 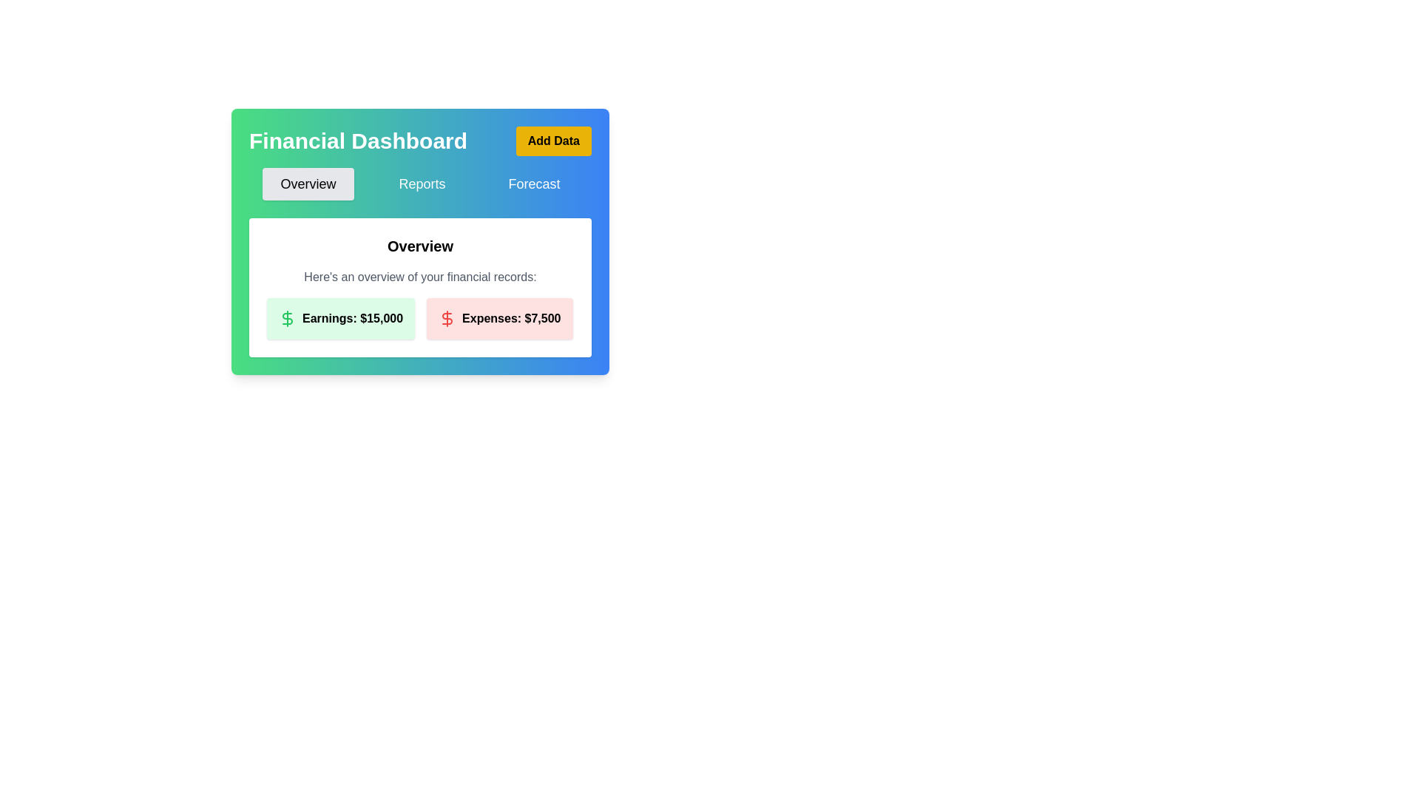 What do you see at coordinates (419, 288) in the screenshot?
I see `financial data summary displayed in the Summary display box located in the center of the dashboard below the navigation buttons` at bounding box center [419, 288].